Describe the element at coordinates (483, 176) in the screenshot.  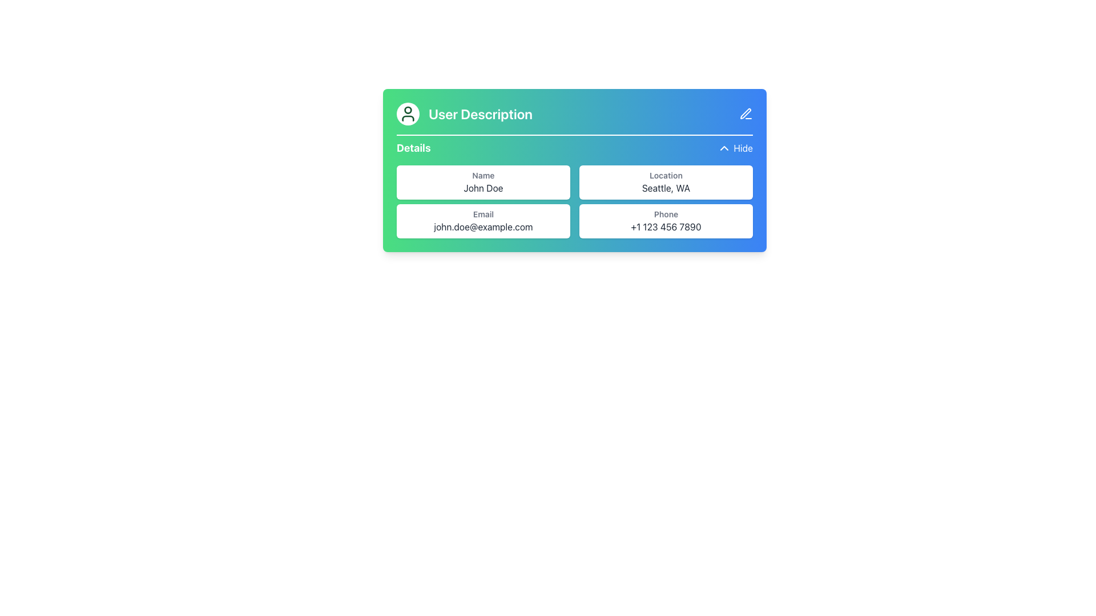
I see `the label text 'Name', which is displayed in a smaller, bold, gray font above the text 'John Doe' within a white rectangular background with rounded corners` at that location.